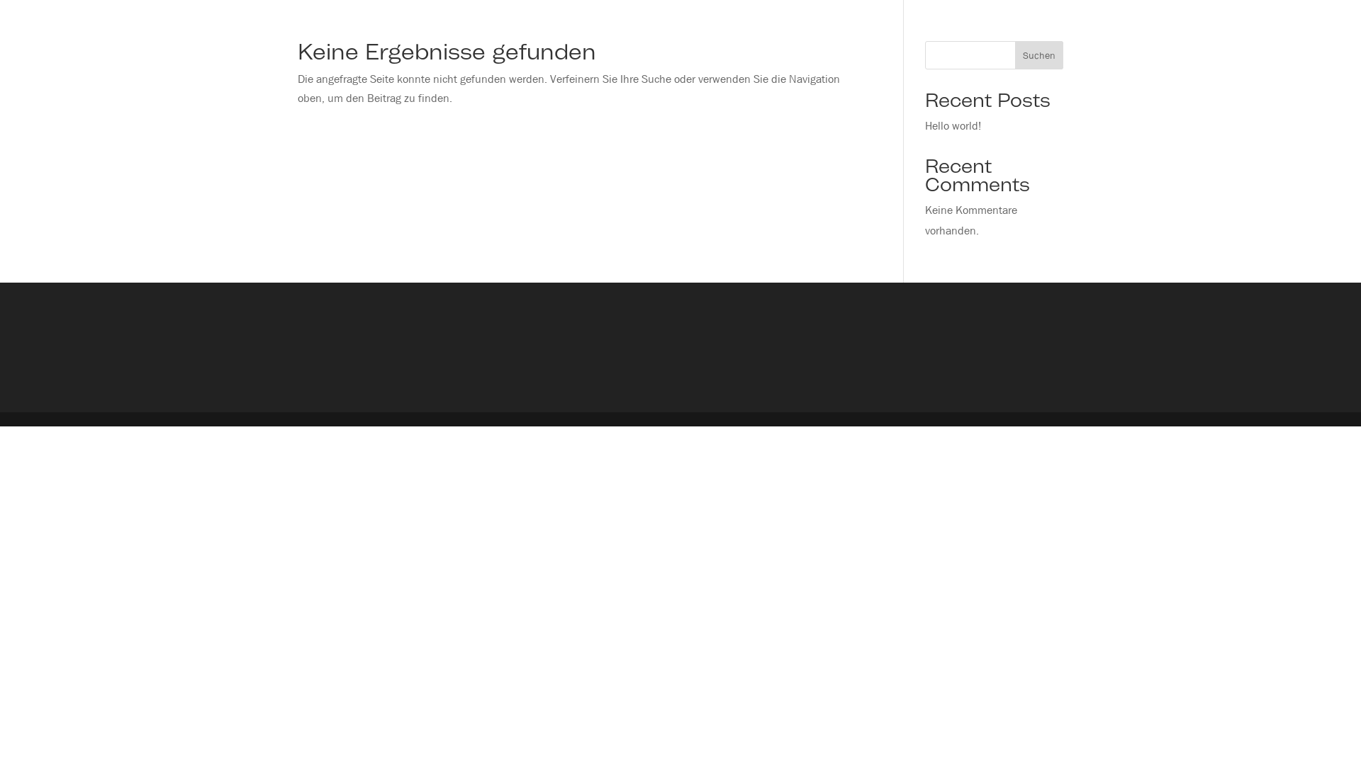 The height and width of the screenshot is (765, 1361). I want to click on 'Hello world!', so click(953, 125).